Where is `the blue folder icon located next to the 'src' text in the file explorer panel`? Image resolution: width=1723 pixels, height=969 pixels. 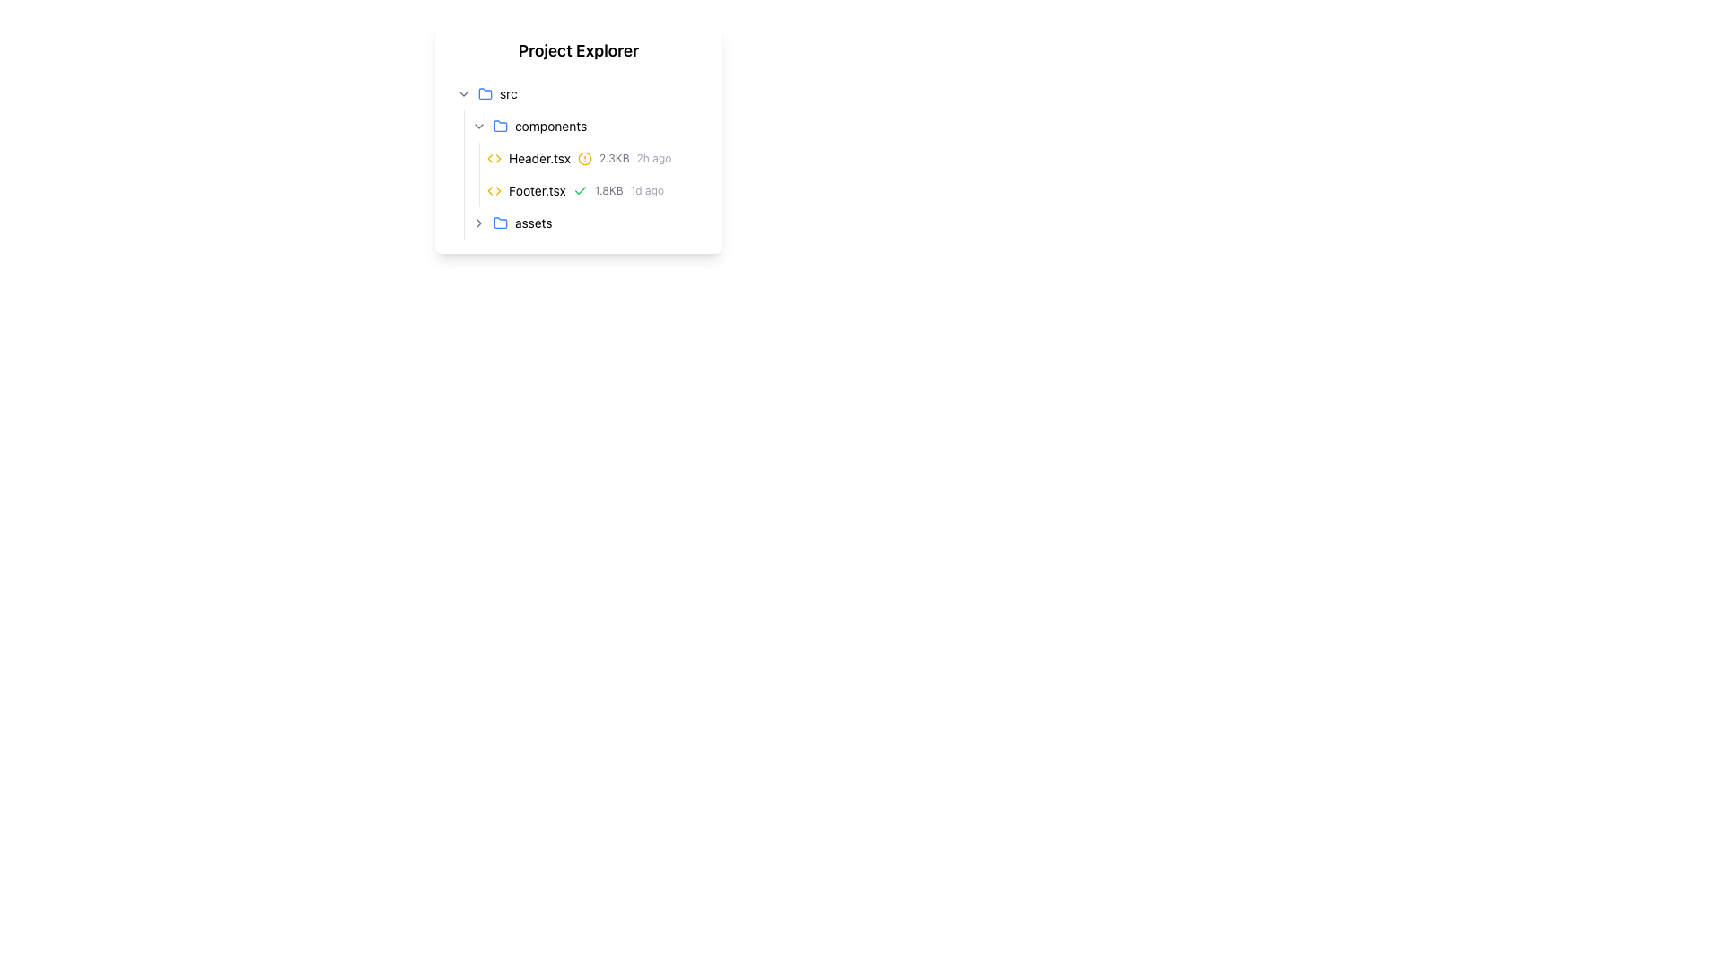 the blue folder icon located next to the 'src' text in the file explorer panel is located at coordinates (485, 93).